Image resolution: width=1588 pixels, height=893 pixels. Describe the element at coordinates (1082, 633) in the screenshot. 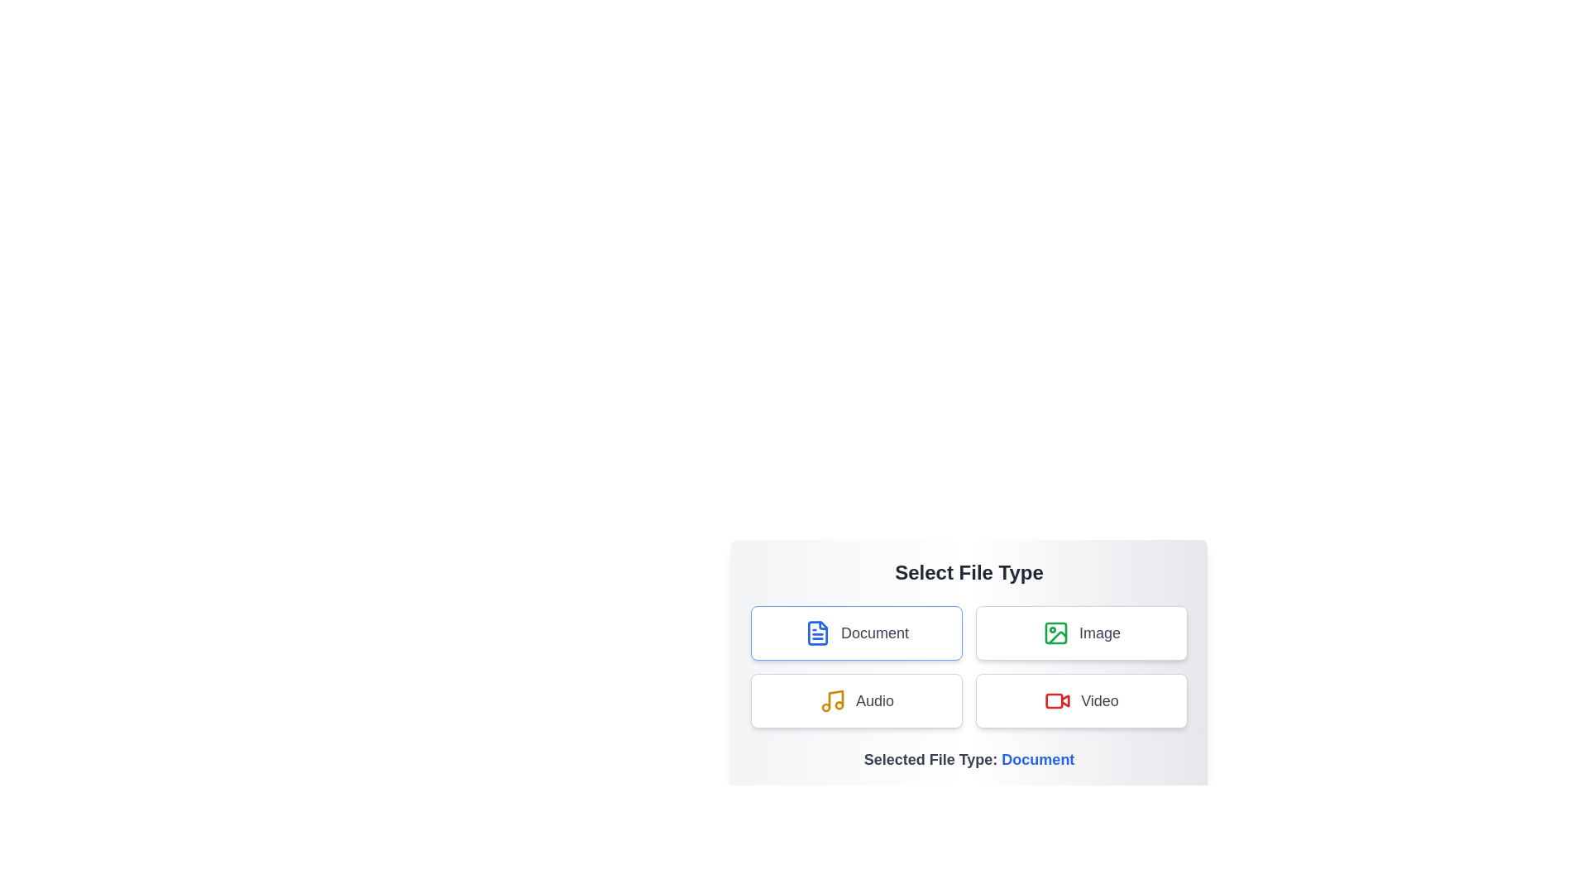

I see `the 'Image' button, which is a rectangular button with a white background, a green image icon, and a medium grey label` at that location.